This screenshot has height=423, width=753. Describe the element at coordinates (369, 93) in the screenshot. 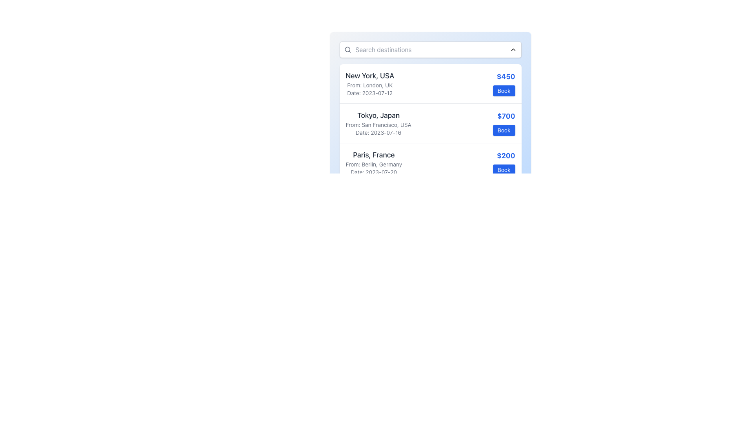

I see `the text element displaying 'Date: 2023-07-12', which is positioned beneath 'From: London, UK' in the flight destination block` at that location.